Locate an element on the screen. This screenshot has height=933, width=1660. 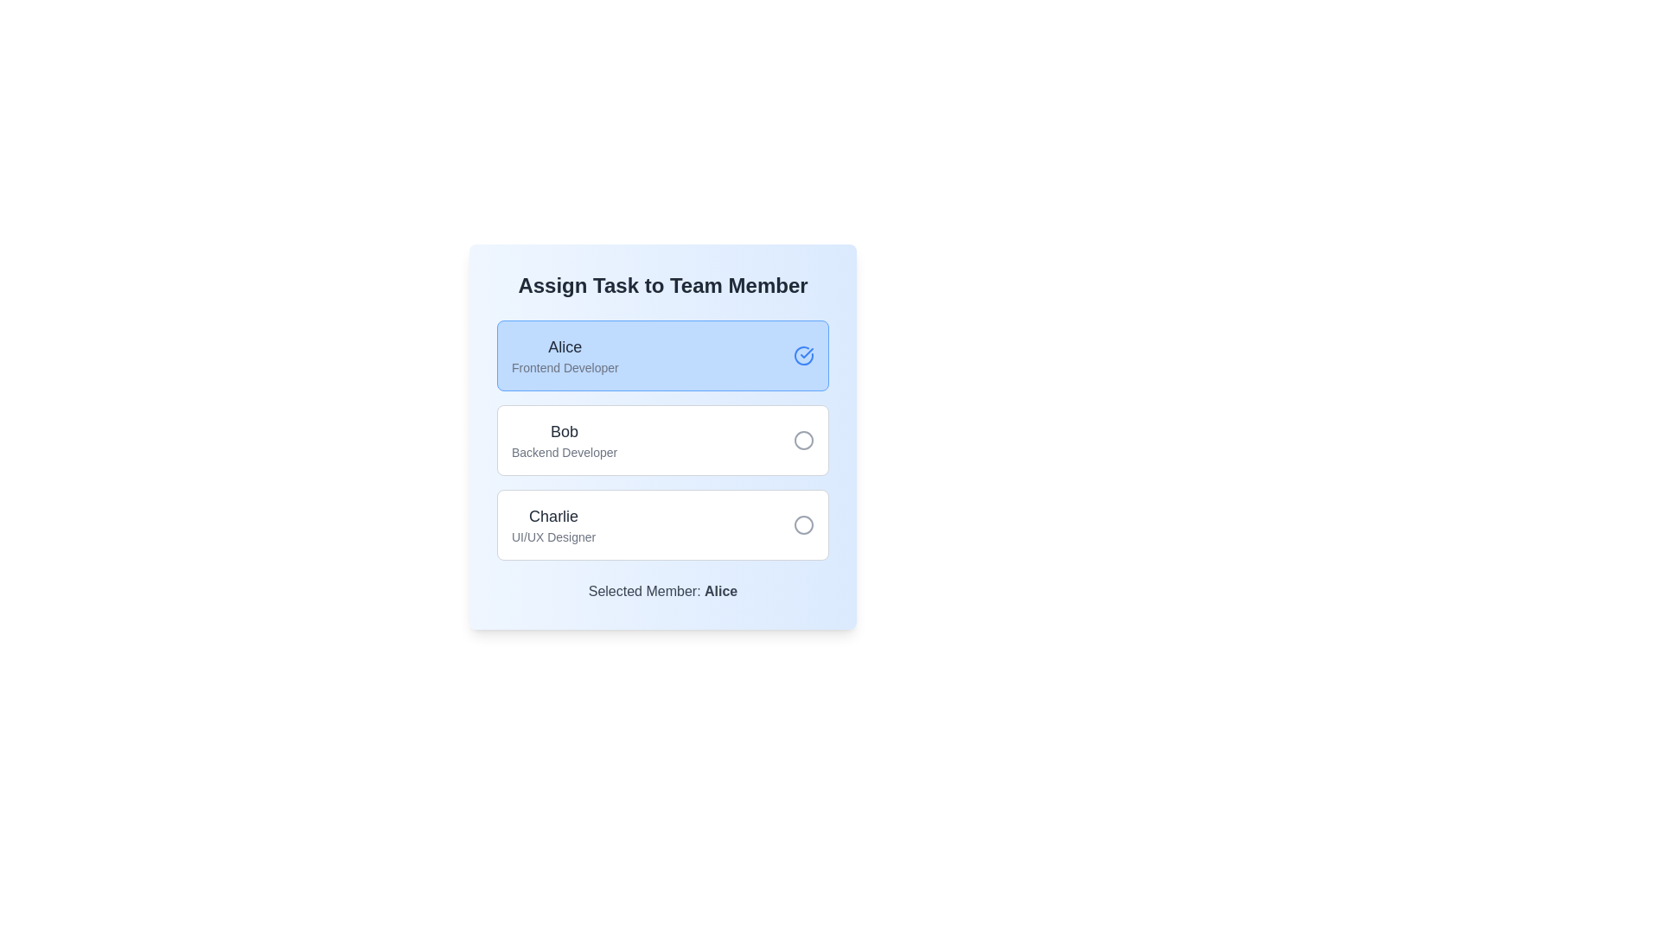
the radio button is located at coordinates (803, 524).